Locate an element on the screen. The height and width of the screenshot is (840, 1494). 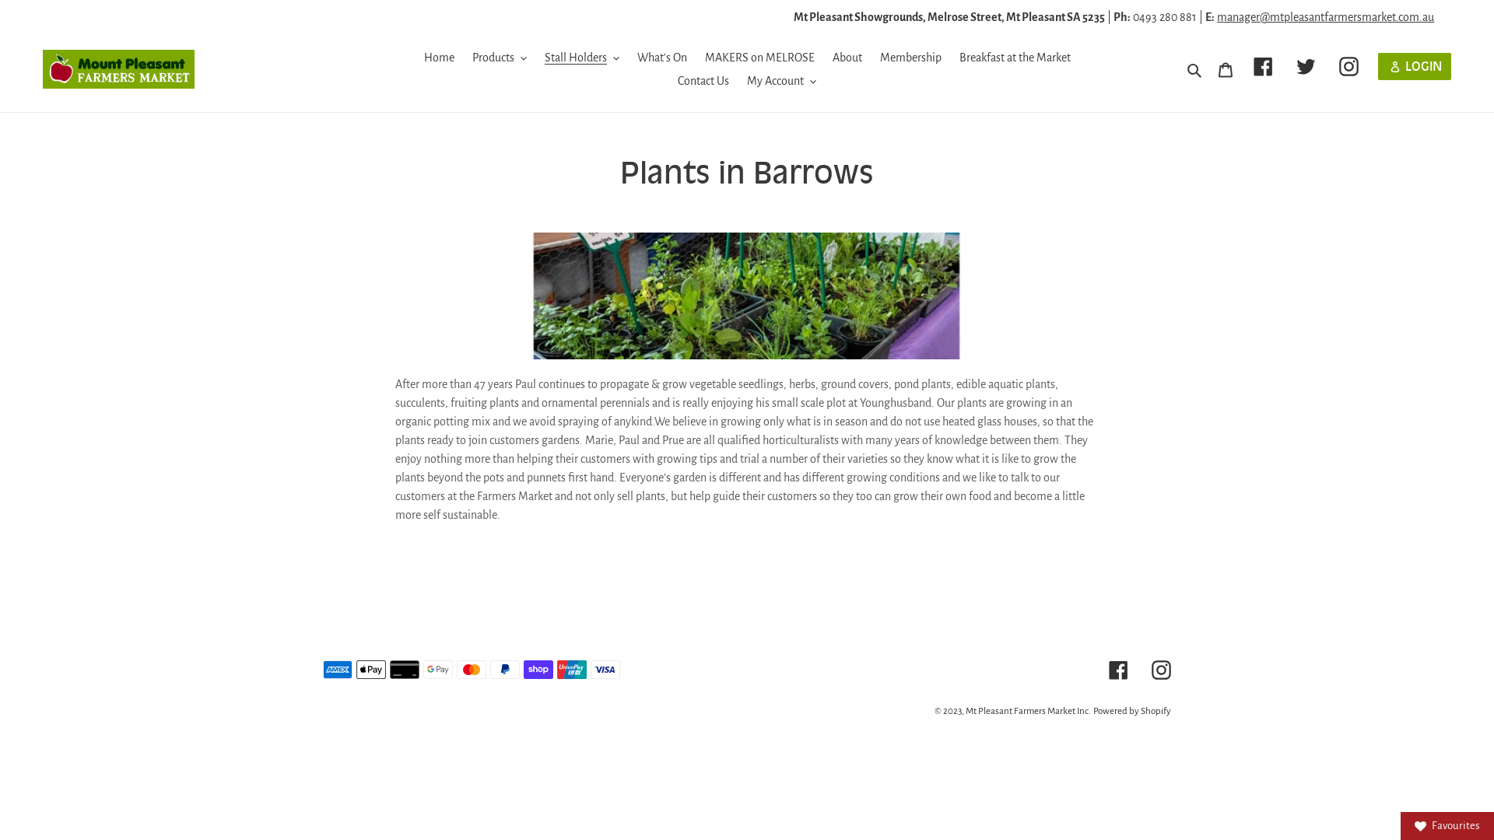
'Contact Us' is located at coordinates (669, 81).